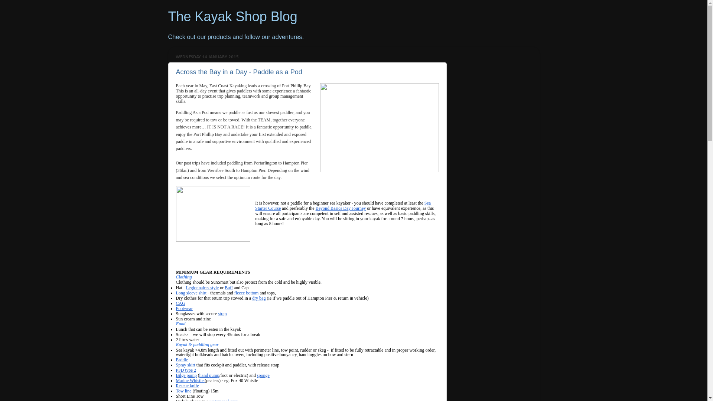 This screenshot has height=401, width=713. Describe the element at coordinates (343, 205) in the screenshot. I see `'Sea Starter Course'` at that location.